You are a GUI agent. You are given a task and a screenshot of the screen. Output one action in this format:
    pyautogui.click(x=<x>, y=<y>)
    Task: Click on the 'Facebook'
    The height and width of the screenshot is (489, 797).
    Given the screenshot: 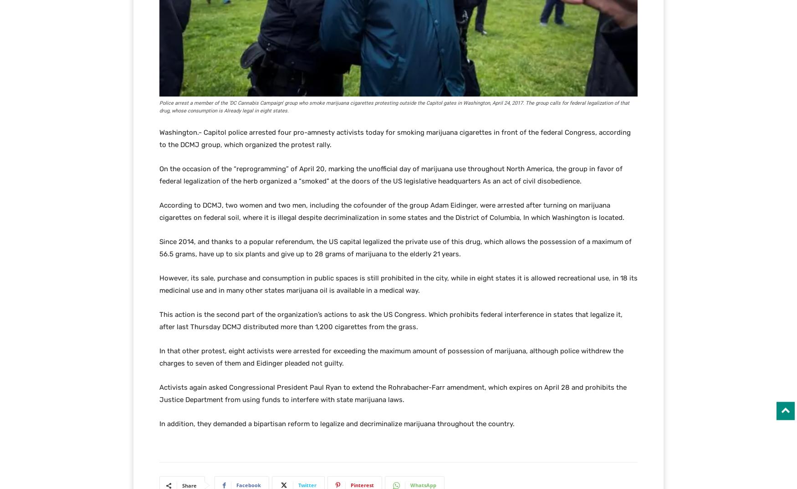 What is the action you would take?
    pyautogui.click(x=248, y=485)
    